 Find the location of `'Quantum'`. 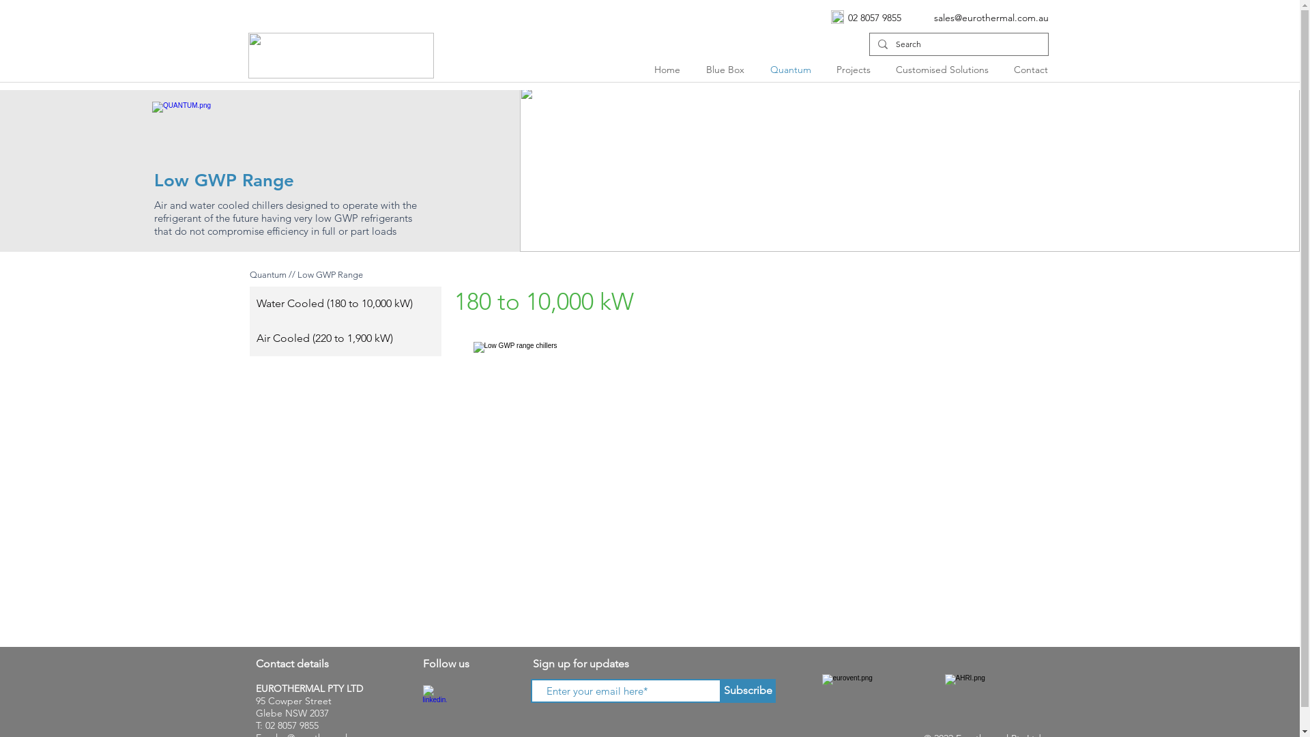

'Quantum' is located at coordinates (793, 69).